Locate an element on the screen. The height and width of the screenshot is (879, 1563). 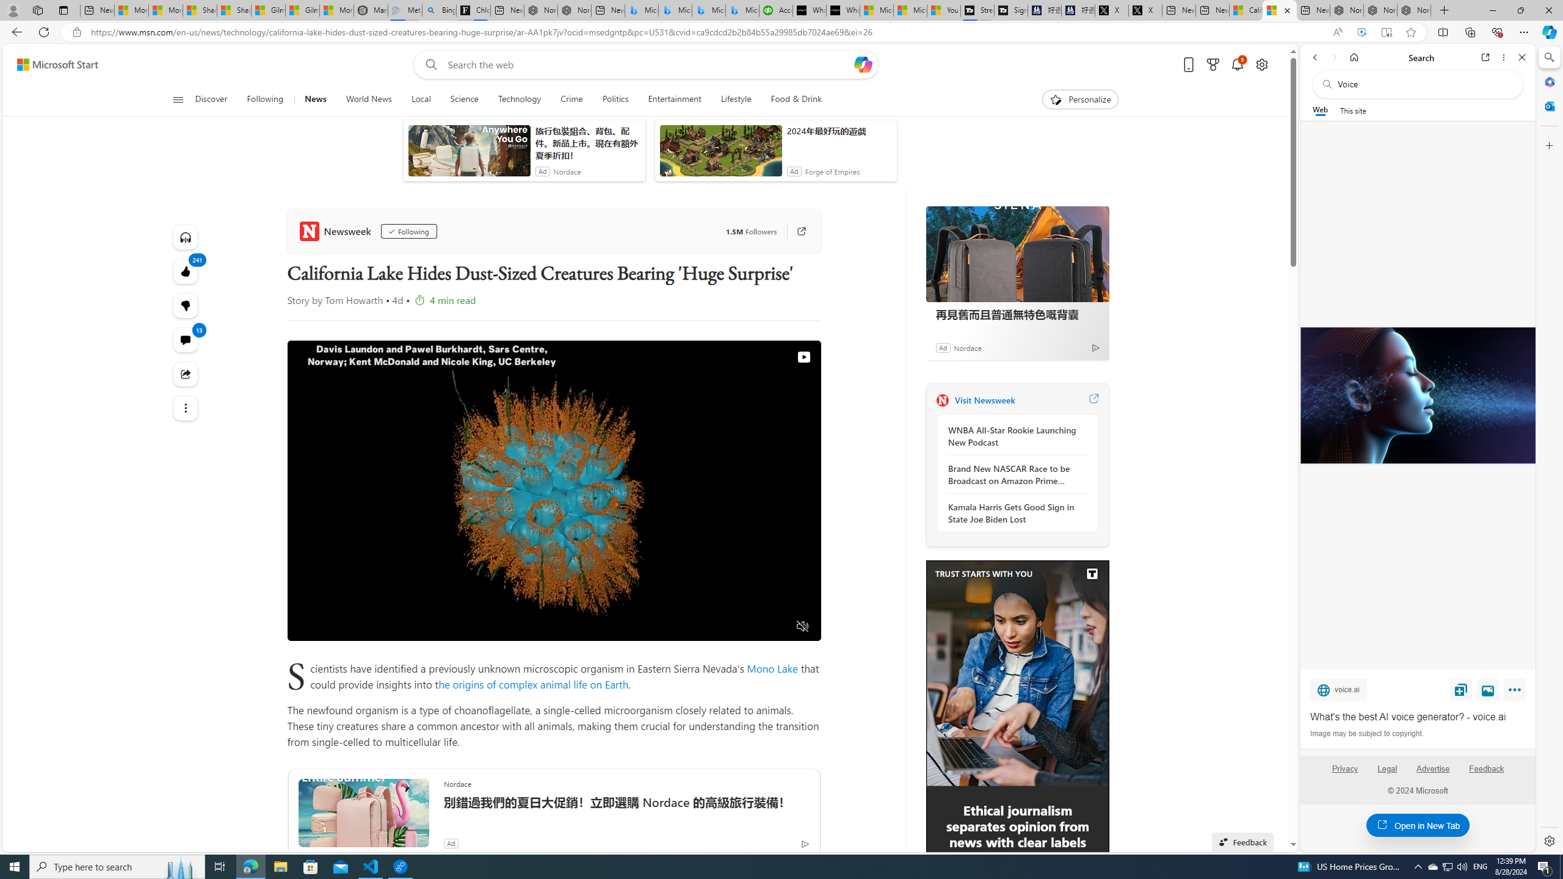
'Microsoft 365' is located at coordinates (1548, 82).